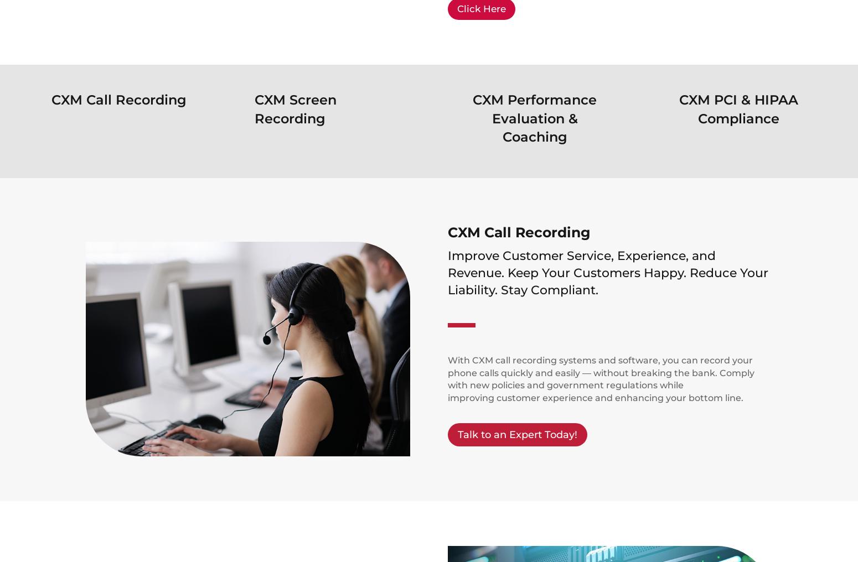 This screenshot has height=562, width=858. What do you see at coordinates (578, 397) in the screenshot?
I see `'customer experience and enhancing'` at bounding box center [578, 397].